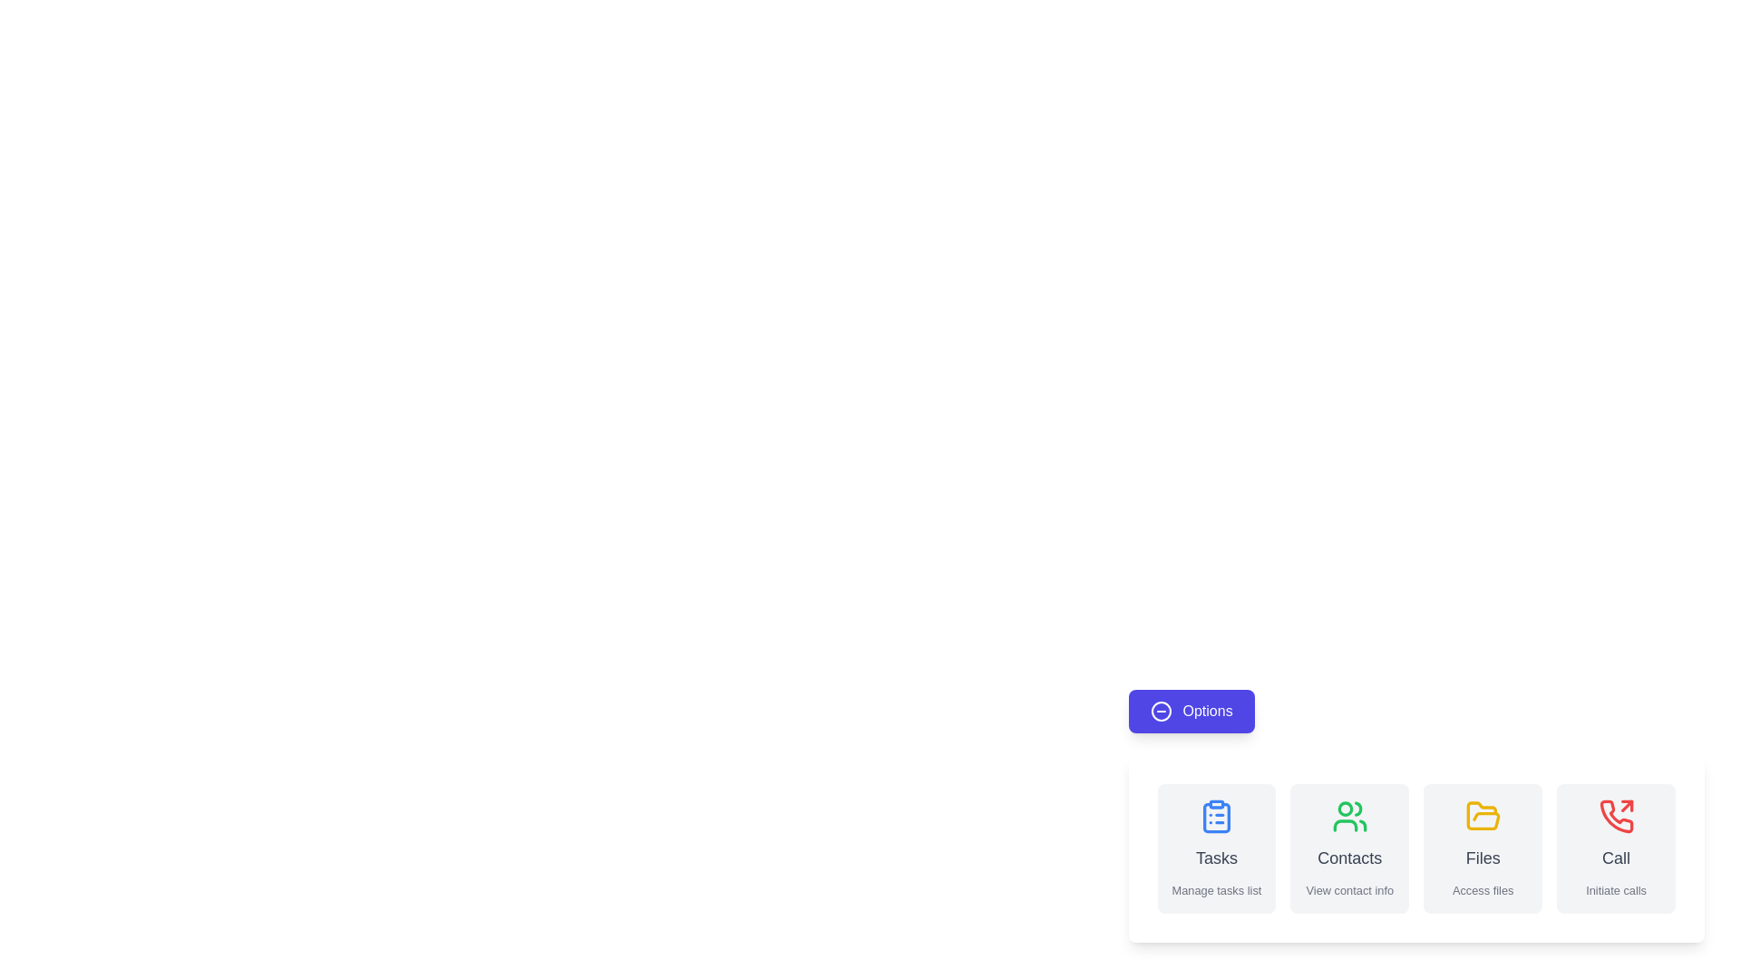  I want to click on the 'Call' button to initiate a call, so click(1615, 848).